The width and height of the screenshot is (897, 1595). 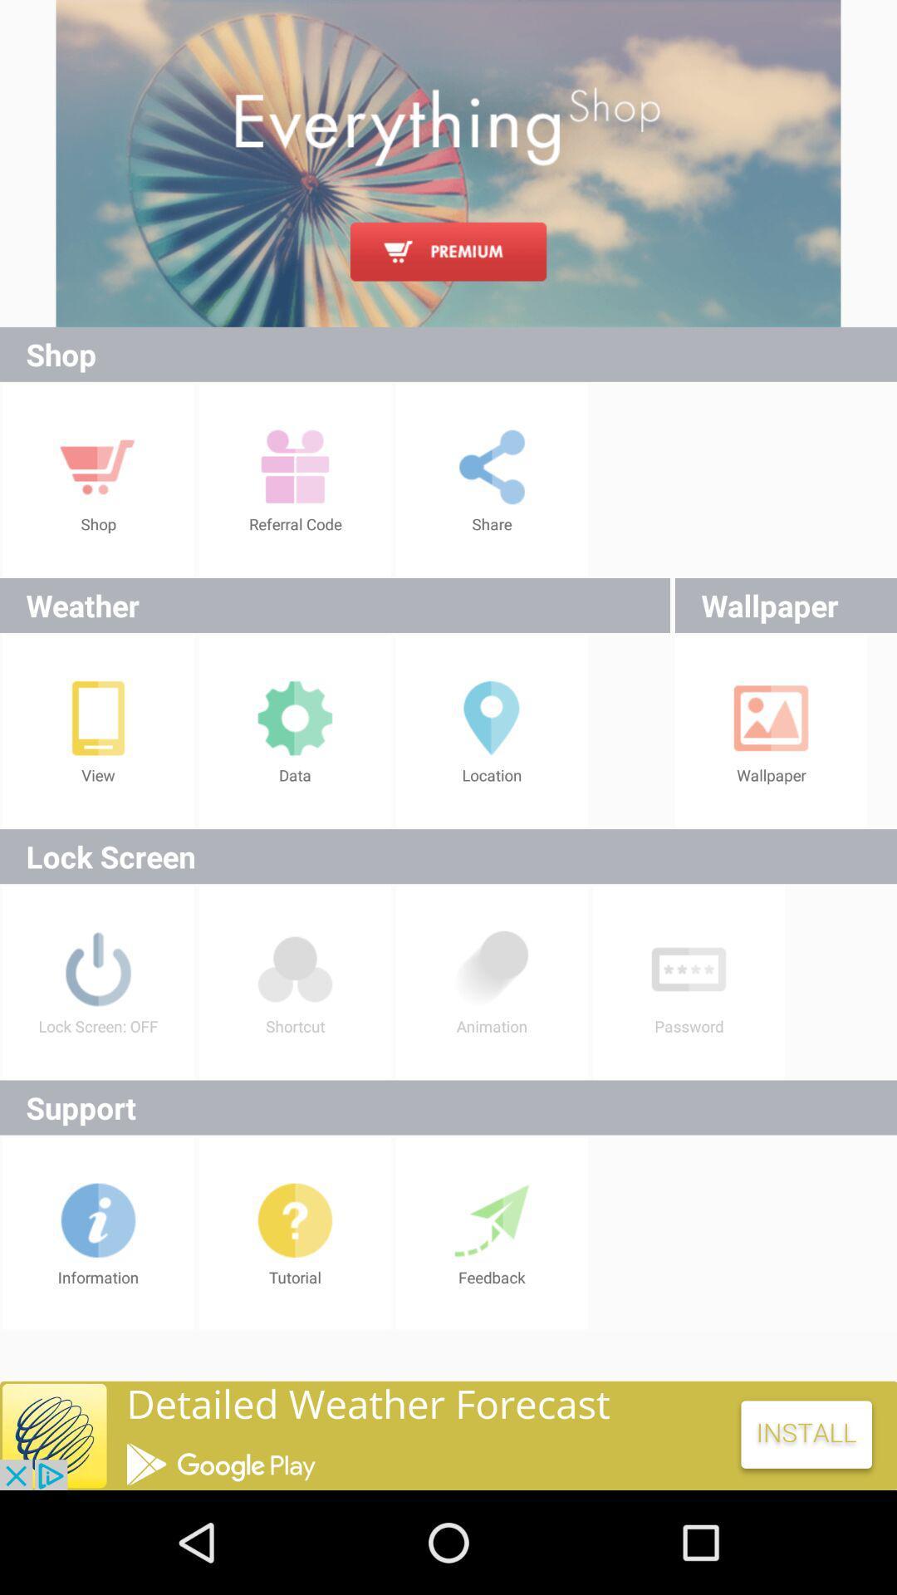 What do you see at coordinates (448, 1435) in the screenshot?
I see `icone` at bounding box center [448, 1435].